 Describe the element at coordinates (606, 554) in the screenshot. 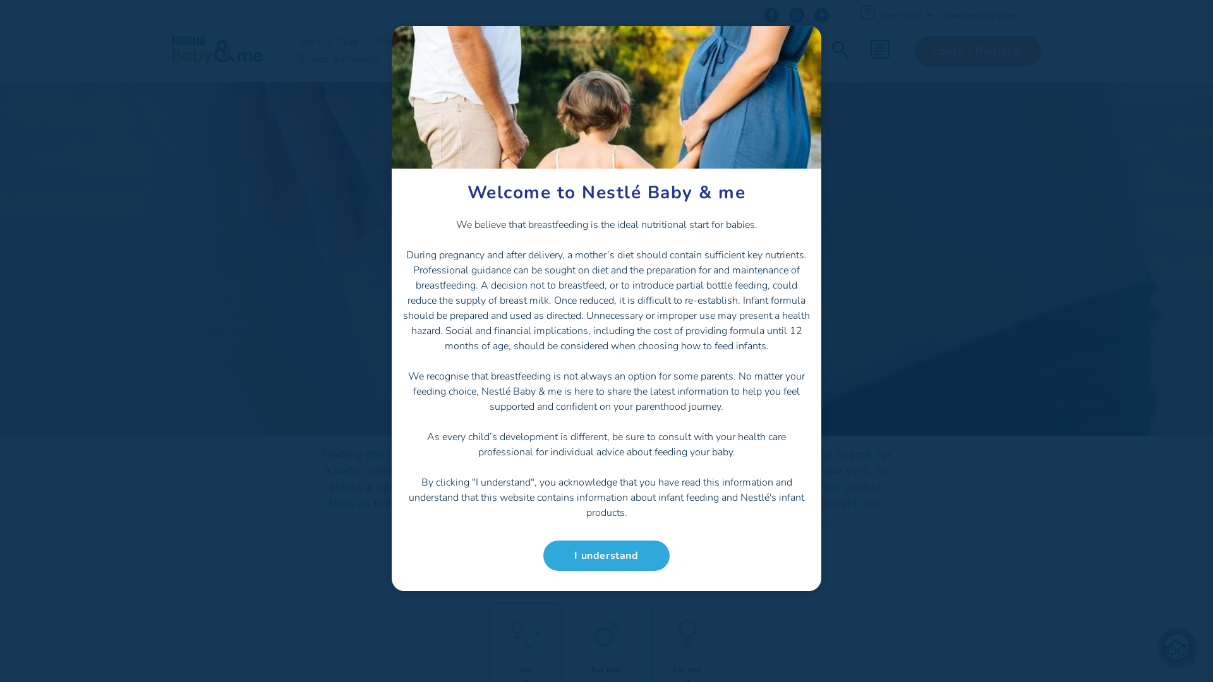

I see `'I understand'` at that location.